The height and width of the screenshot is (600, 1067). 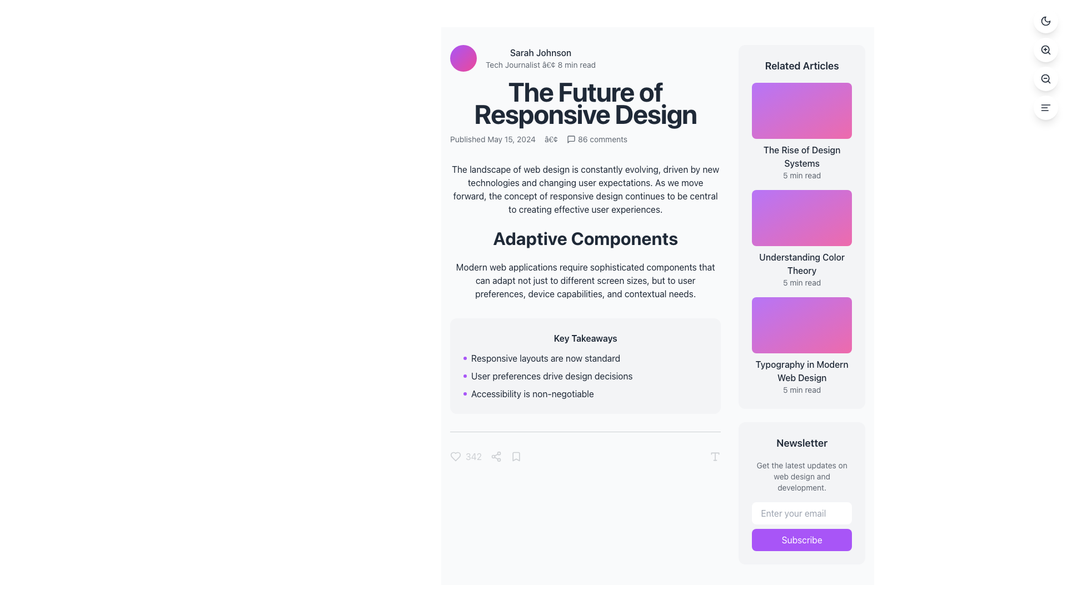 What do you see at coordinates (541, 53) in the screenshot?
I see `the surrounding content near the author identifier text label, which is located to the right of a circular profile image in the top-left area of the content section` at bounding box center [541, 53].